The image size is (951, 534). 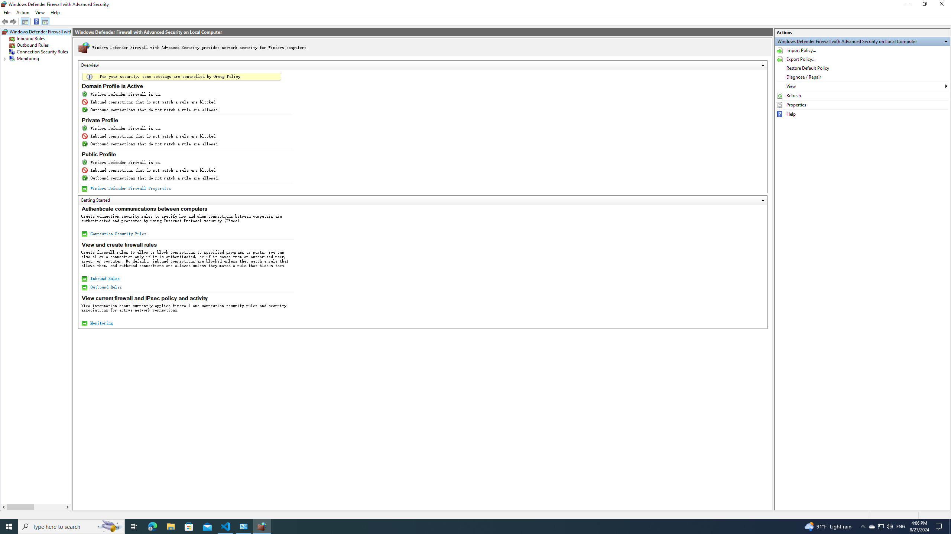 I want to click on 'Back', so click(x=5, y=21).